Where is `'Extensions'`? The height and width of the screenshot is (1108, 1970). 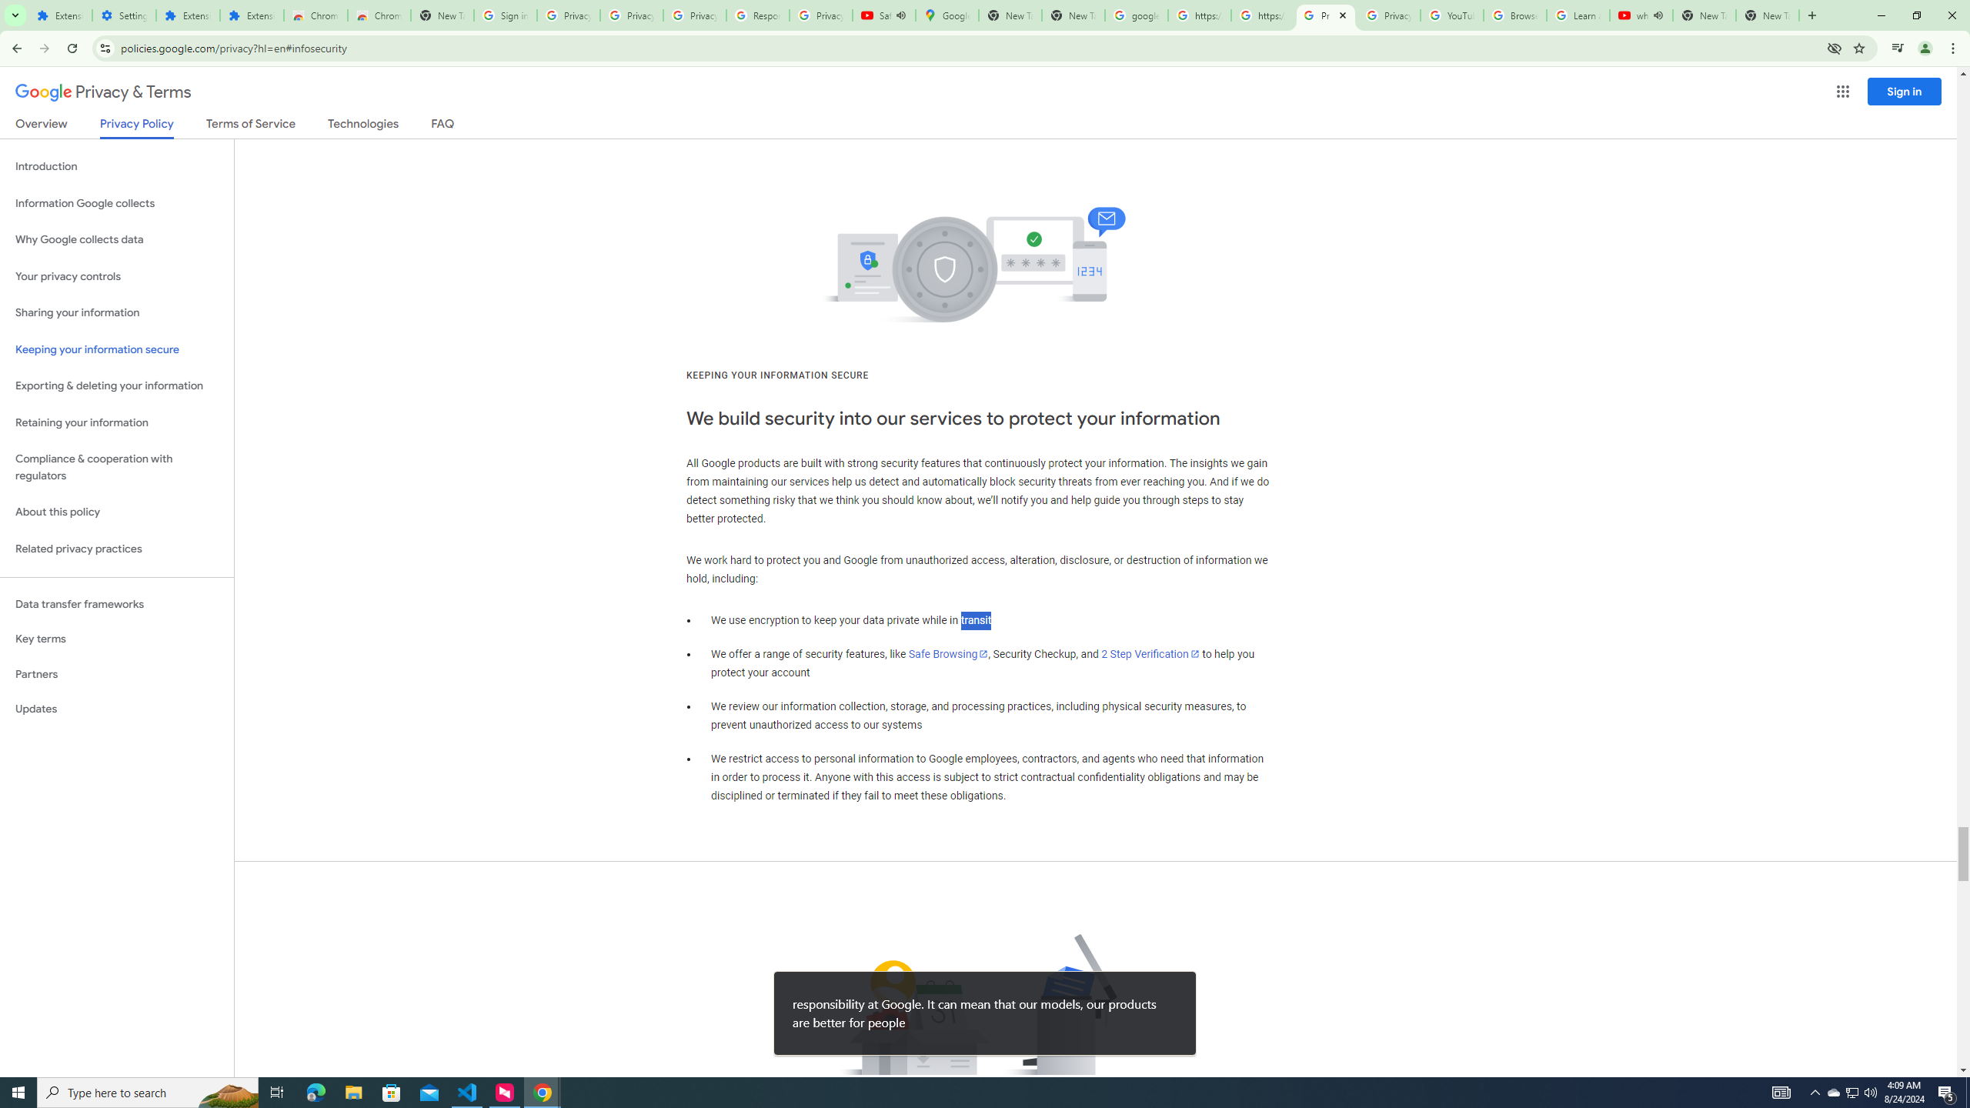
'Extensions' is located at coordinates (59, 15).